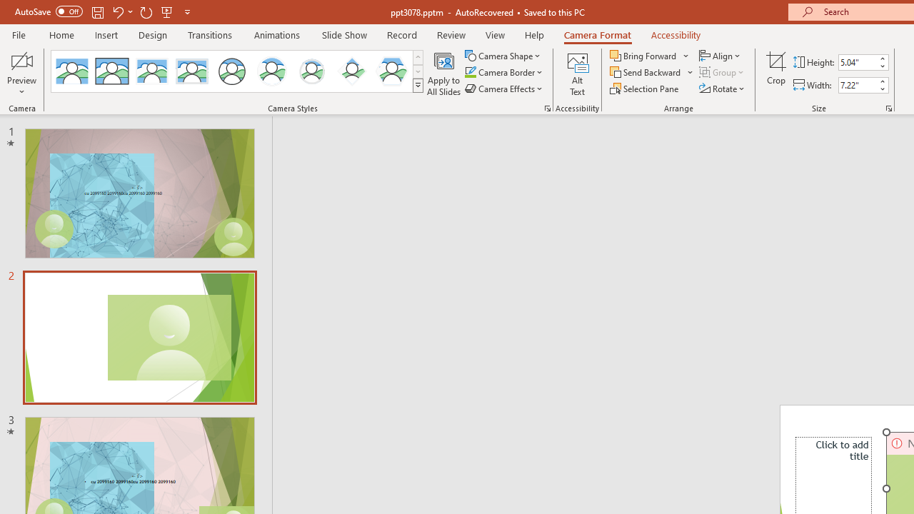  What do you see at coordinates (503, 55) in the screenshot?
I see `'Camera Shape'` at bounding box center [503, 55].